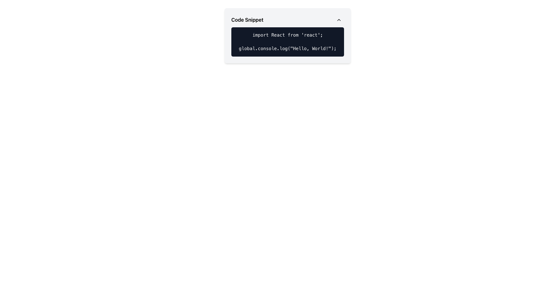  Describe the element at coordinates (339, 19) in the screenshot. I see `the button with an embedded SVG graphic located at the top-right corner of the 'Code Snippet' header` at that location.